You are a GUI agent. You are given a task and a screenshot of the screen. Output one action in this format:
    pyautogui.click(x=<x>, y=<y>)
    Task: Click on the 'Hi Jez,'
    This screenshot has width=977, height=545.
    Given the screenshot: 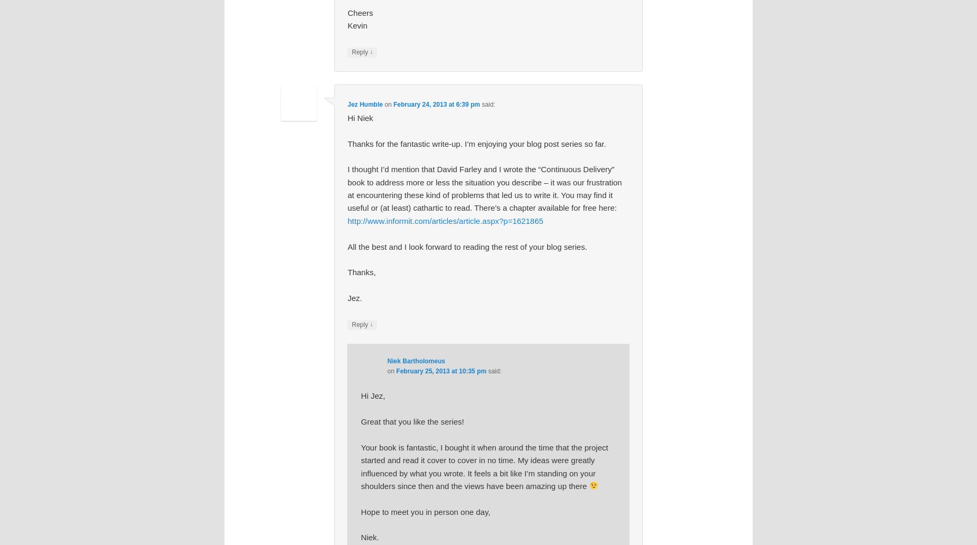 What is the action you would take?
    pyautogui.click(x=372, y=395)
    